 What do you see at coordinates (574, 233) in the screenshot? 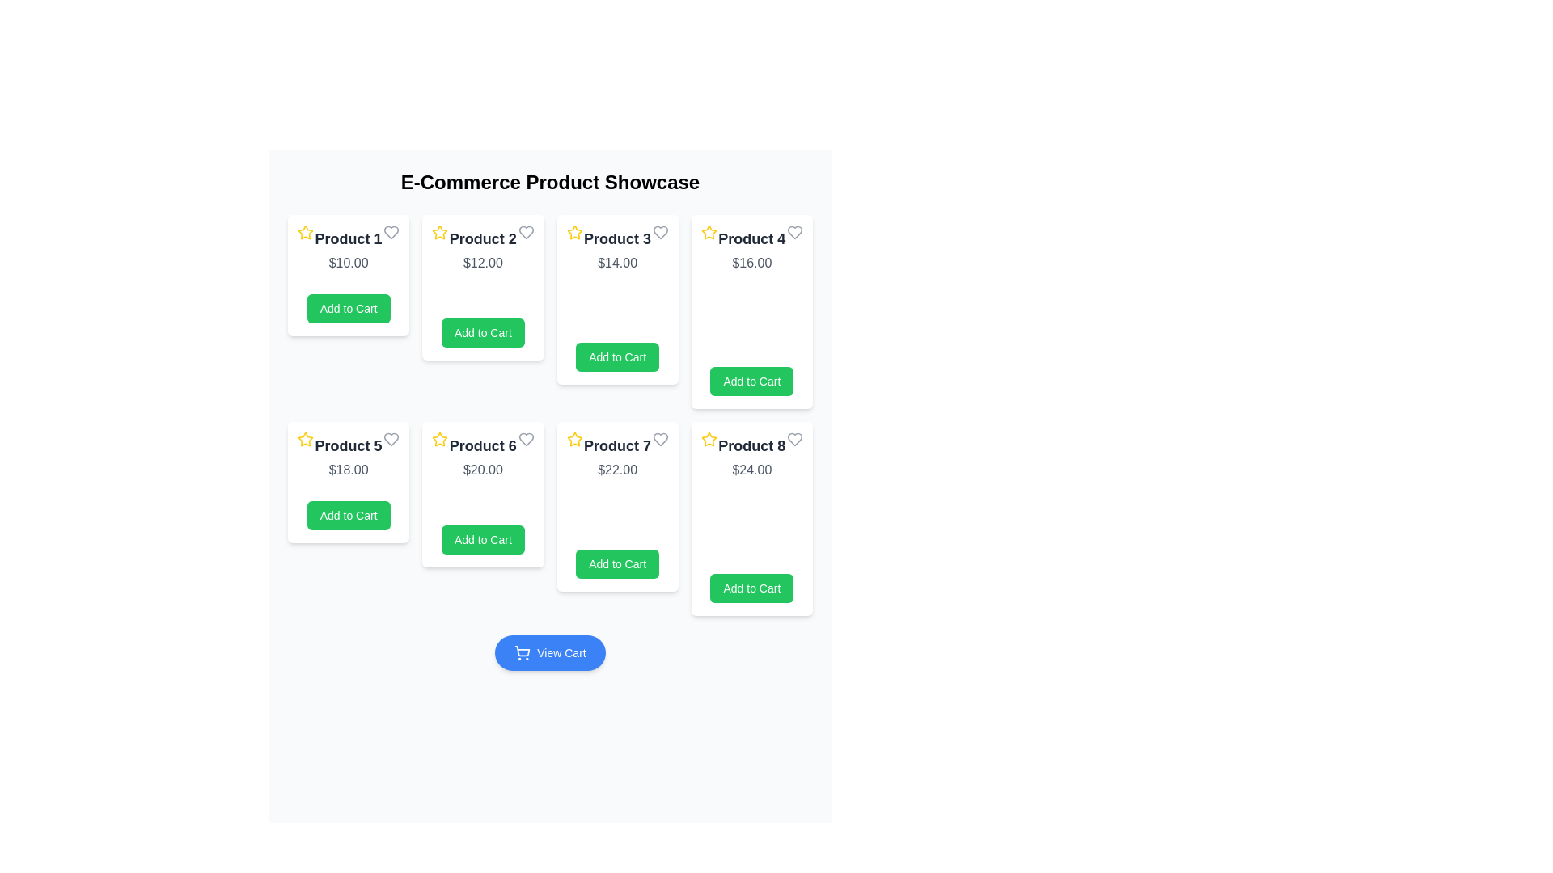
I see `the star-shaped icon outlined in yellow located at the top-left corner of the 'Product 3' card, adjacent to the product title` at bounding box center [574, 233].